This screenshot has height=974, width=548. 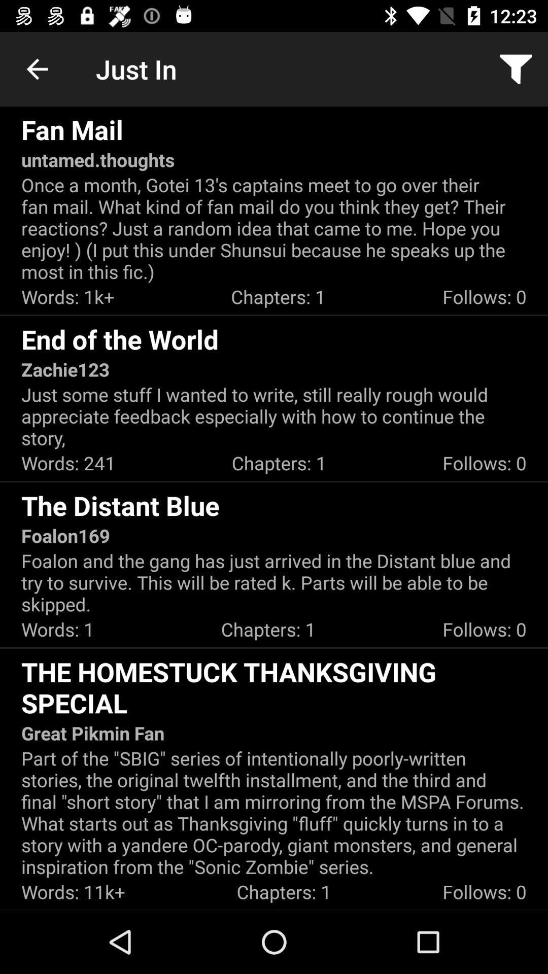 What do you see at coordinates (37, 68) in the screenshot?
I see `item next to just in item` at bounding box center [37, 68].